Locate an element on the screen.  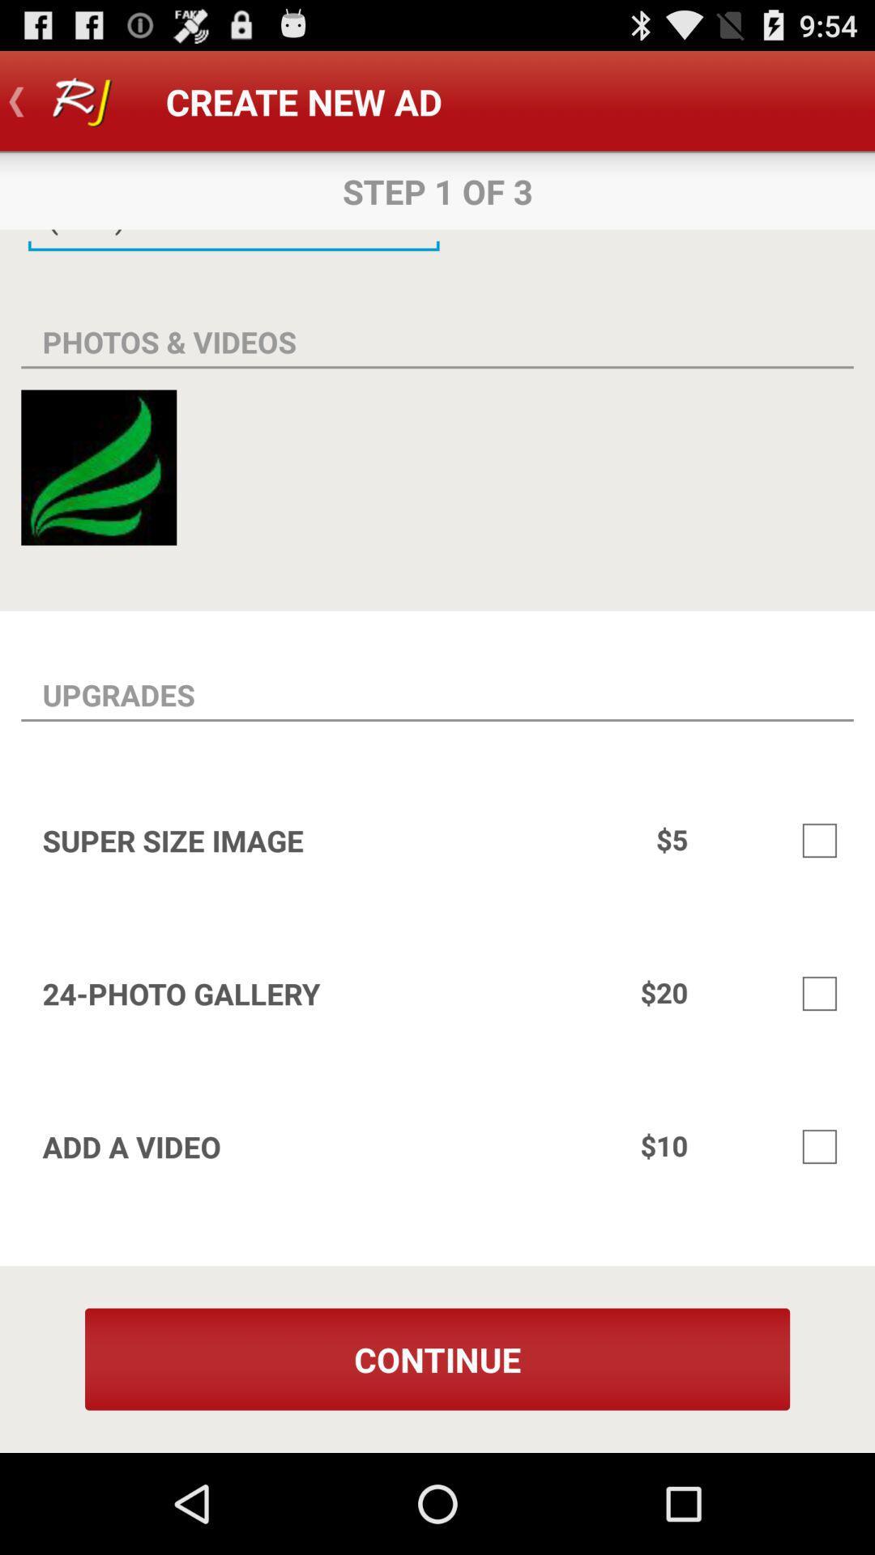
selection button is located at coordinates (819, 840).